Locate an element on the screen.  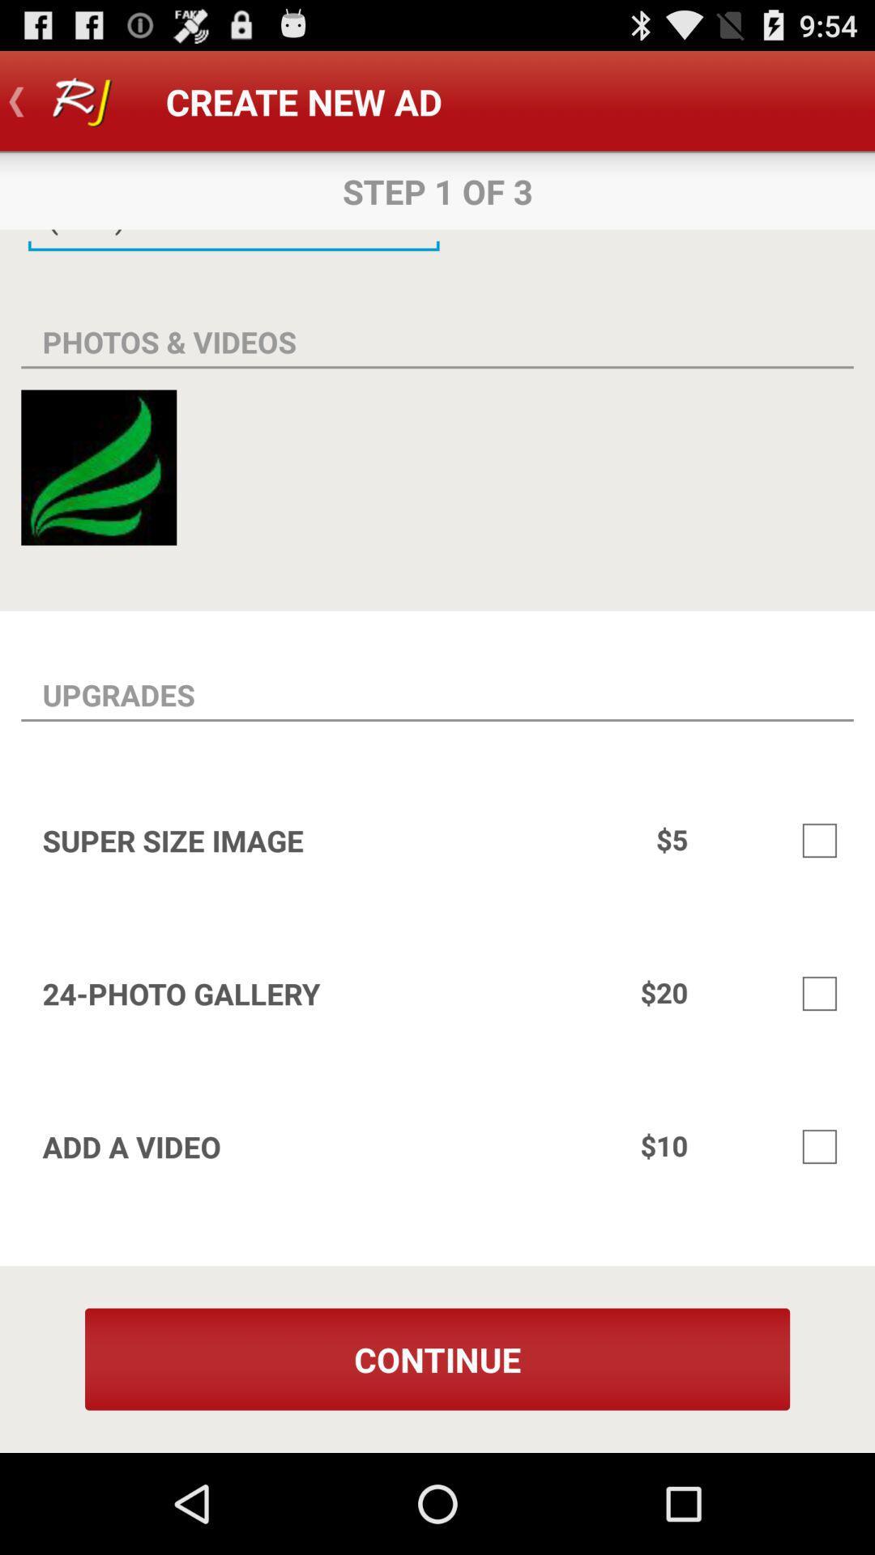
selection button is located at coordinates (819, 840).